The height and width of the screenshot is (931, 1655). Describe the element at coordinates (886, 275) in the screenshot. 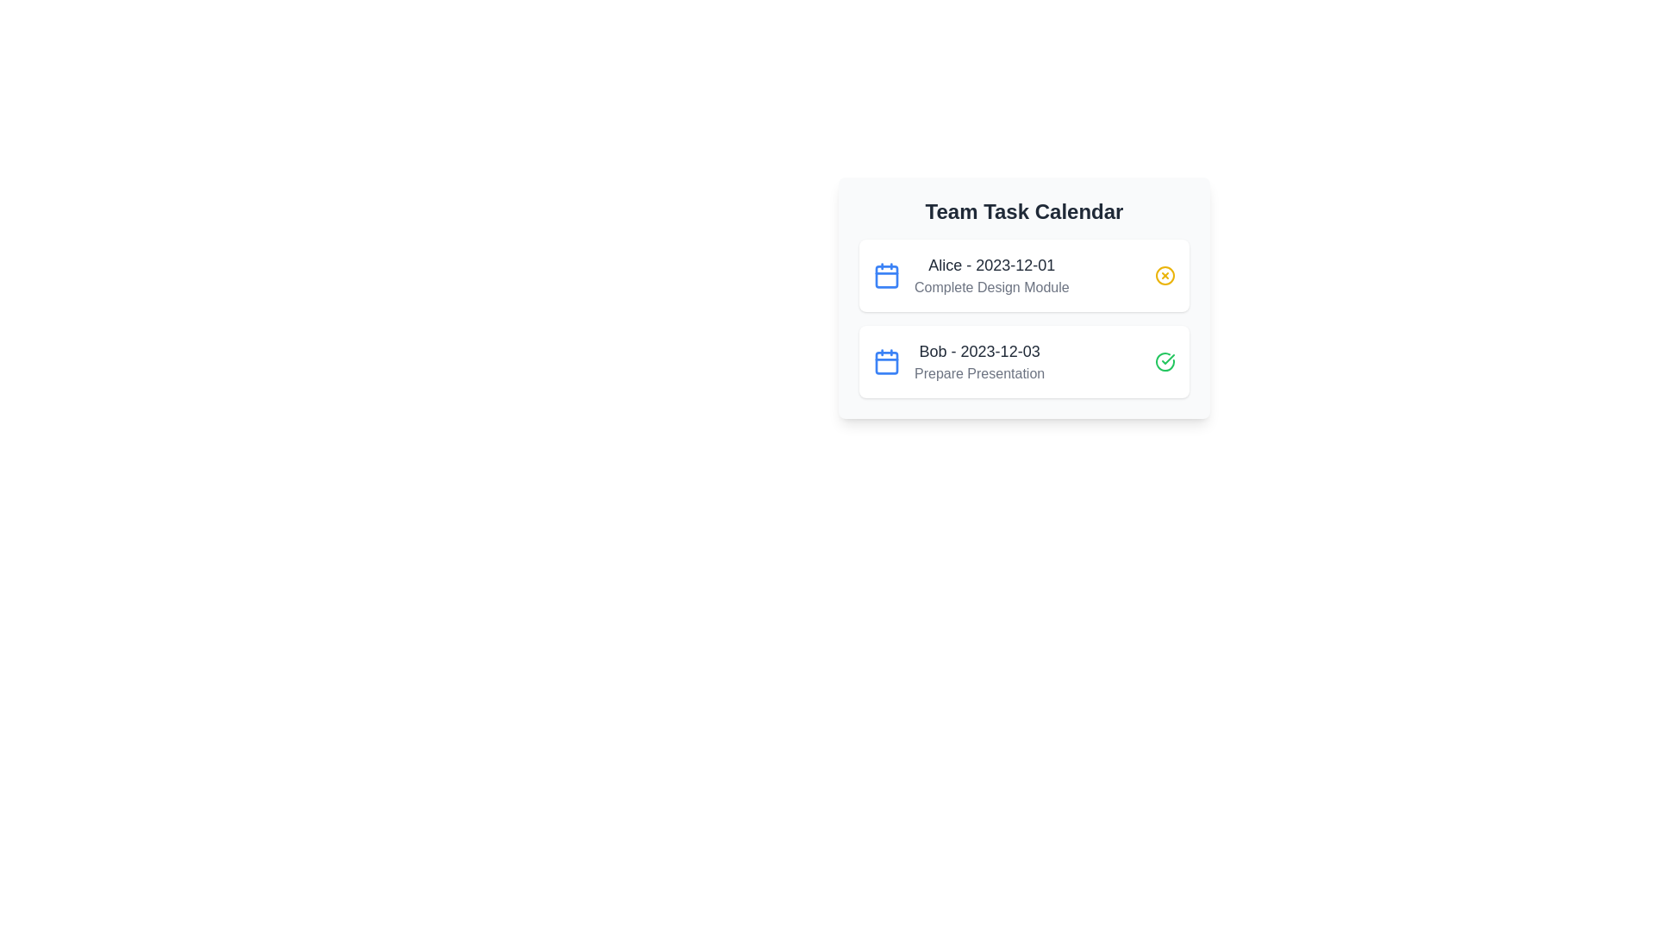

I see `the calendar icon next to the task of Alice - 2023-12-01` at that location.